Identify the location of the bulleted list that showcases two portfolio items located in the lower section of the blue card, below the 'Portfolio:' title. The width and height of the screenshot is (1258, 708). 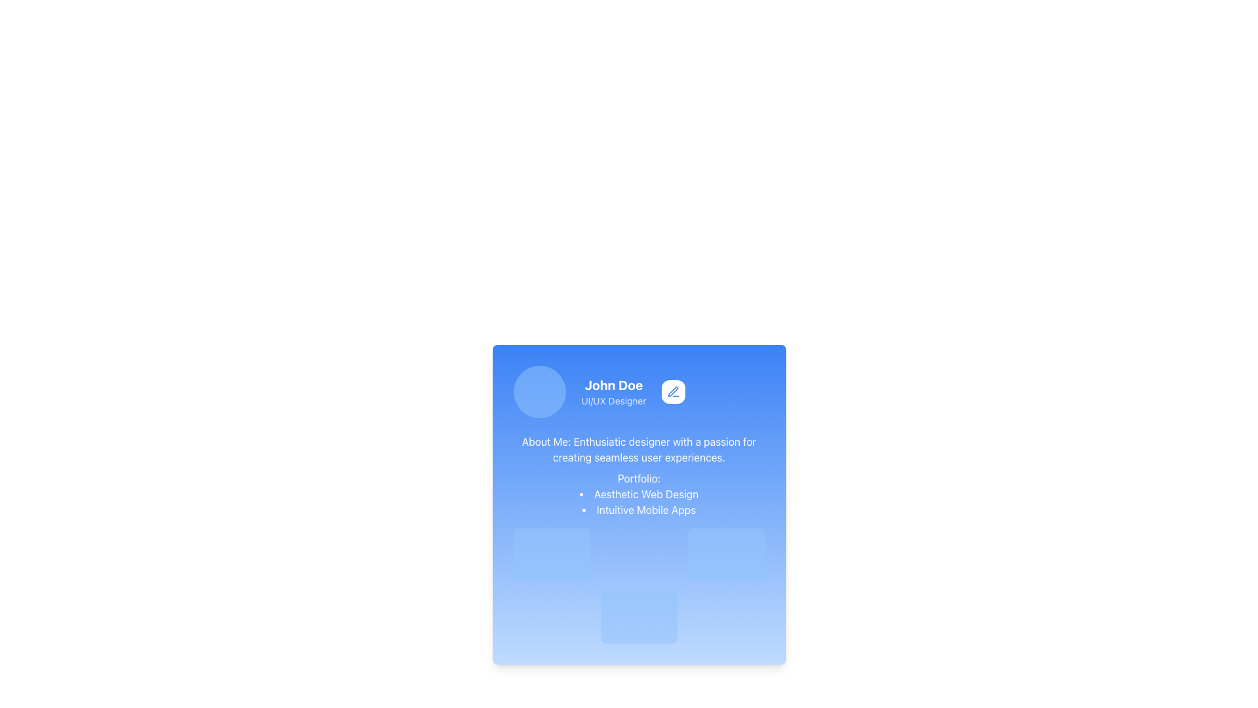
(639, 501).